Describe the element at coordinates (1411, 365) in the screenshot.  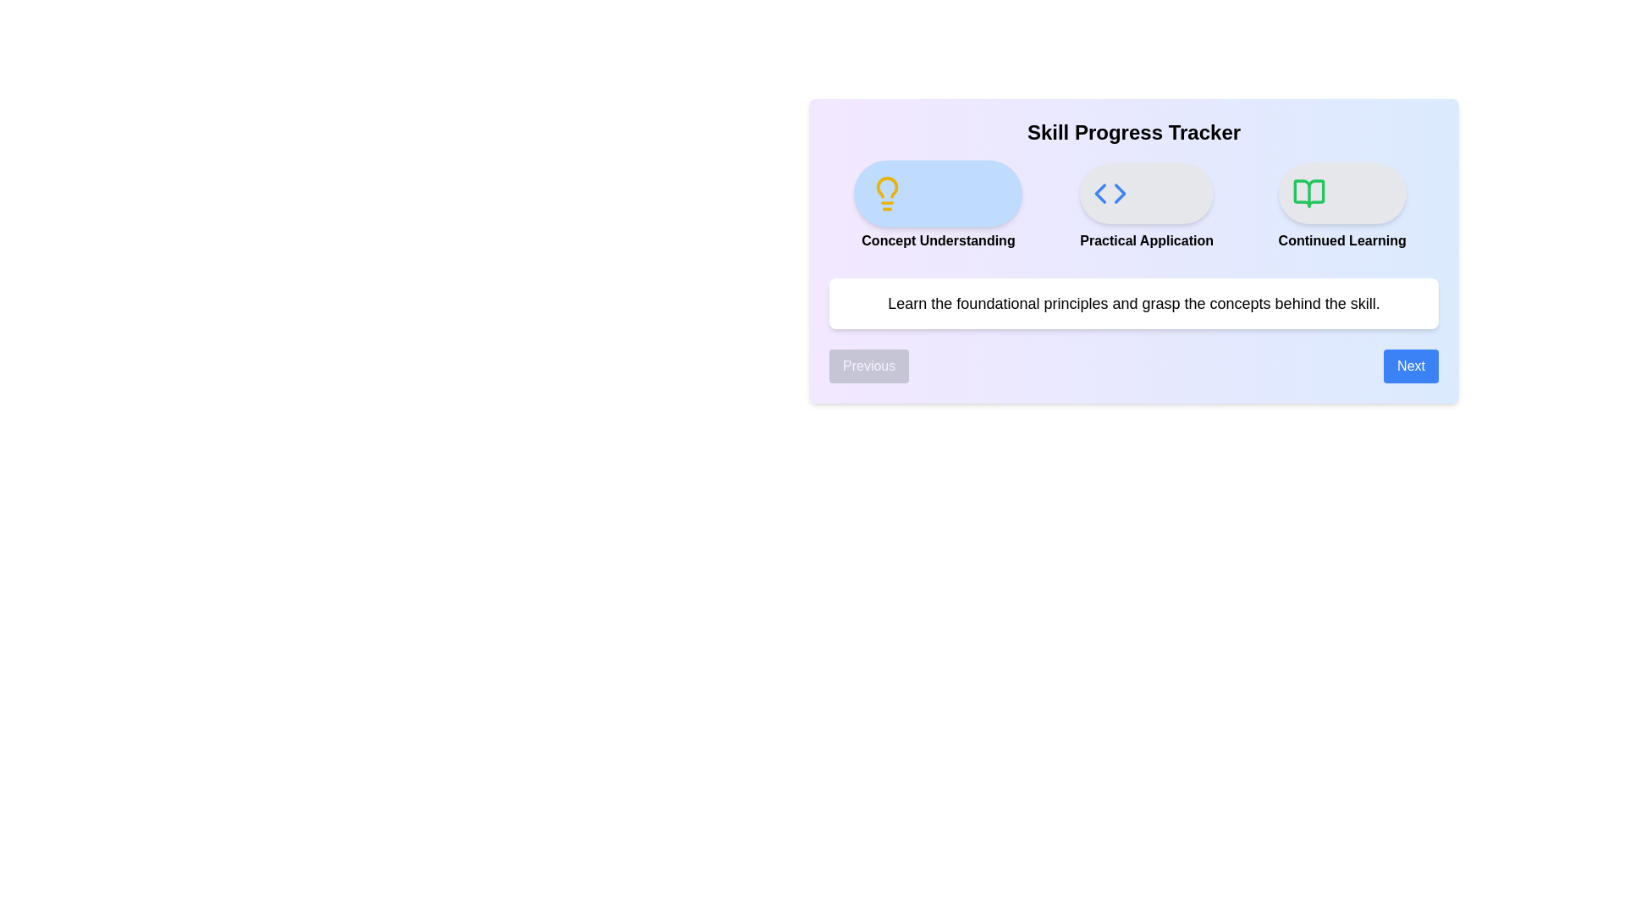
I see `the 'Next' button to navigate to the next step in the Skill Progress Tracker` at that location.